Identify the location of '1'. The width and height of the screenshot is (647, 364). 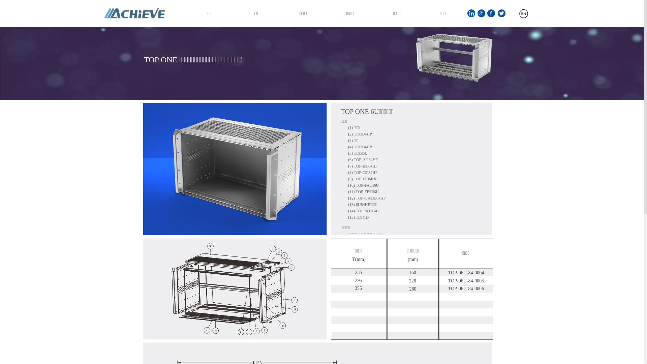
(523, 13).